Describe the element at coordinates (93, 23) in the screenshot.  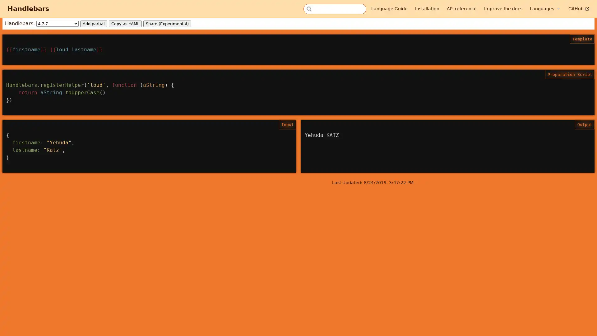
I see `Add partial` at that location.